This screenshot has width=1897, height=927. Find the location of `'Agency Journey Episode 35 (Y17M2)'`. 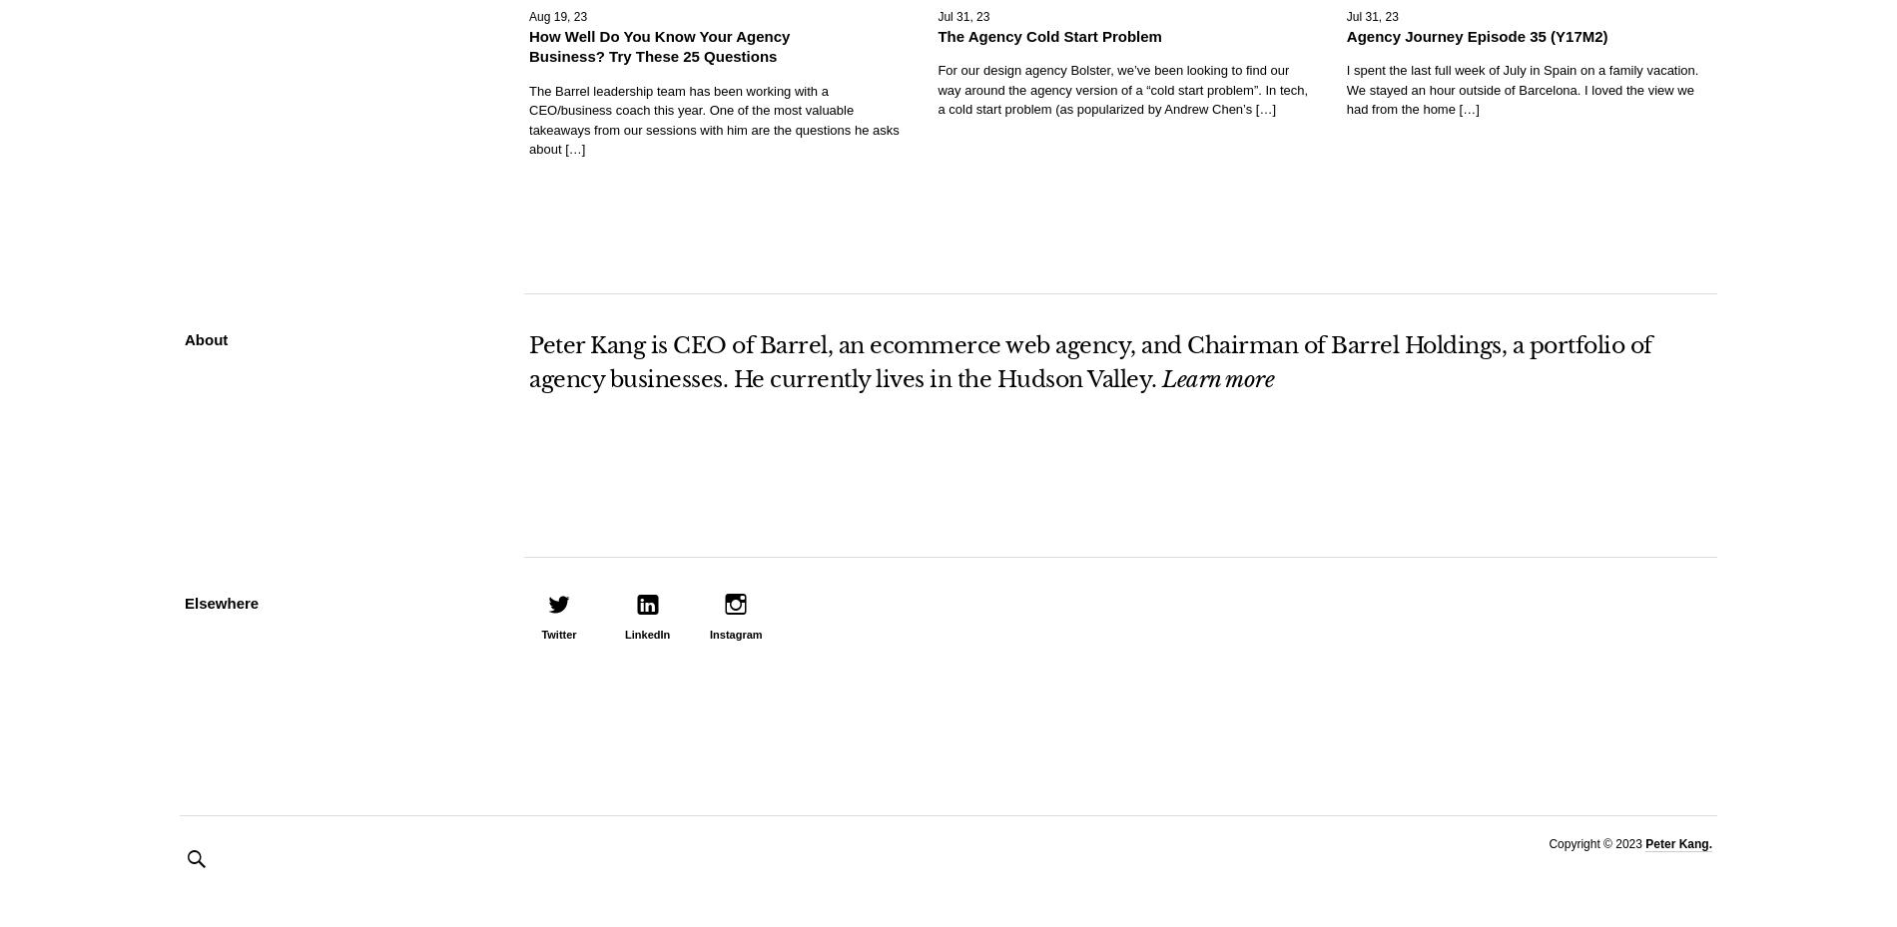

'Agency Journey Episode 35 (Y17M2)' is located at coordinates (1476, 35).